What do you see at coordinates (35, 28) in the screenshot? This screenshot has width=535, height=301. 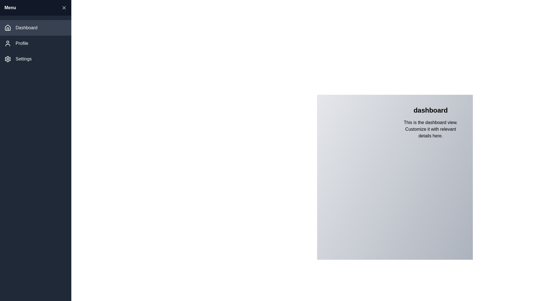 I see `the menu item Dashboard in the sidebar` at bounding box center [35, 28].